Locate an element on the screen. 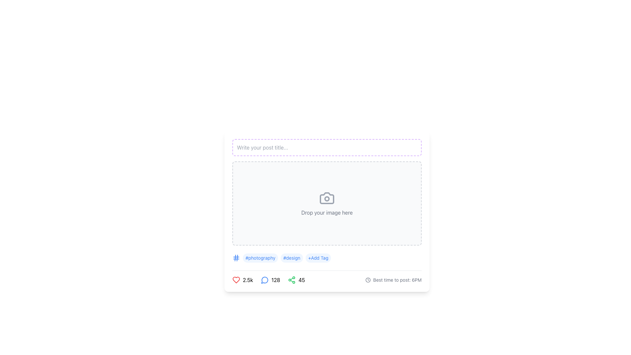 The height and width of the screenshot is (355, 631). the static informational text indicating the recommended optimal posting time of '6PM', located at the bottom-right corner of the card is located at coordinates (397, 280).